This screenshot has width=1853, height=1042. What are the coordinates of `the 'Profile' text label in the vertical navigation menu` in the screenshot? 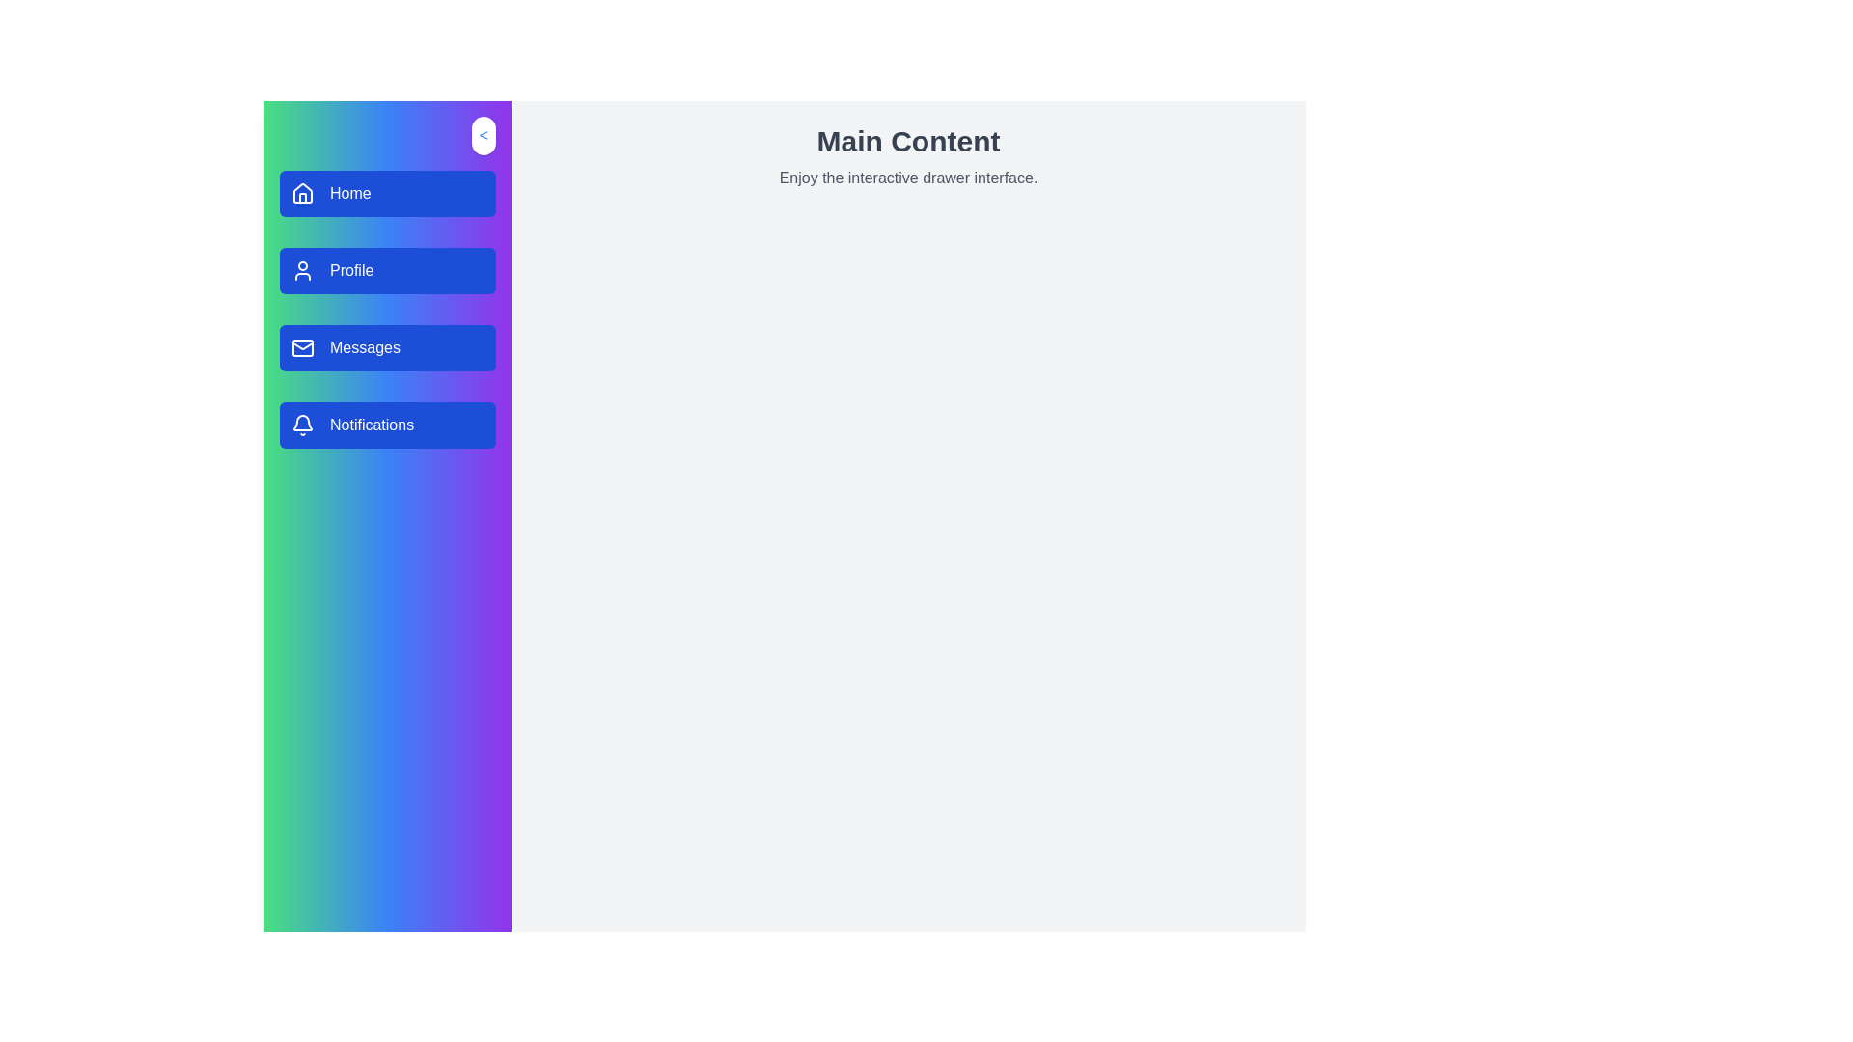 It's located at (351, 271).